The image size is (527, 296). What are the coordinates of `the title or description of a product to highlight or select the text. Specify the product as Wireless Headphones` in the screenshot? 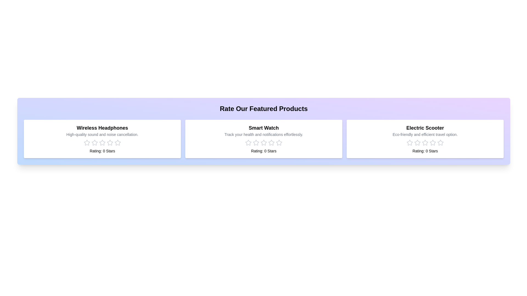 It's located at (102, 128).